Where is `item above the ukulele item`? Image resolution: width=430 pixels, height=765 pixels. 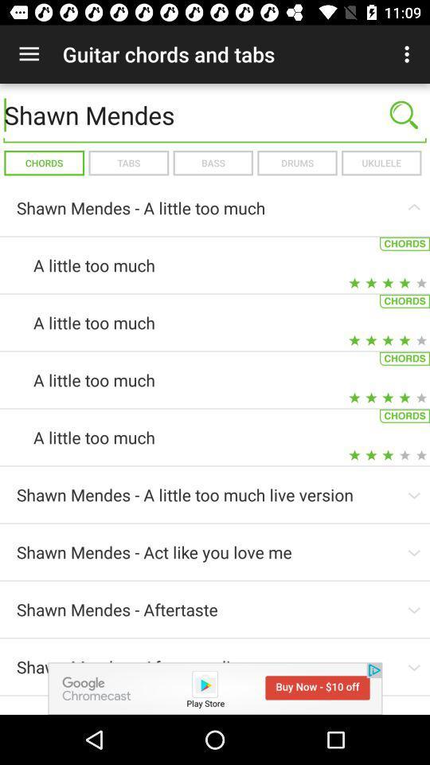 item above the ukulele item is located at coordinates (404, 114).